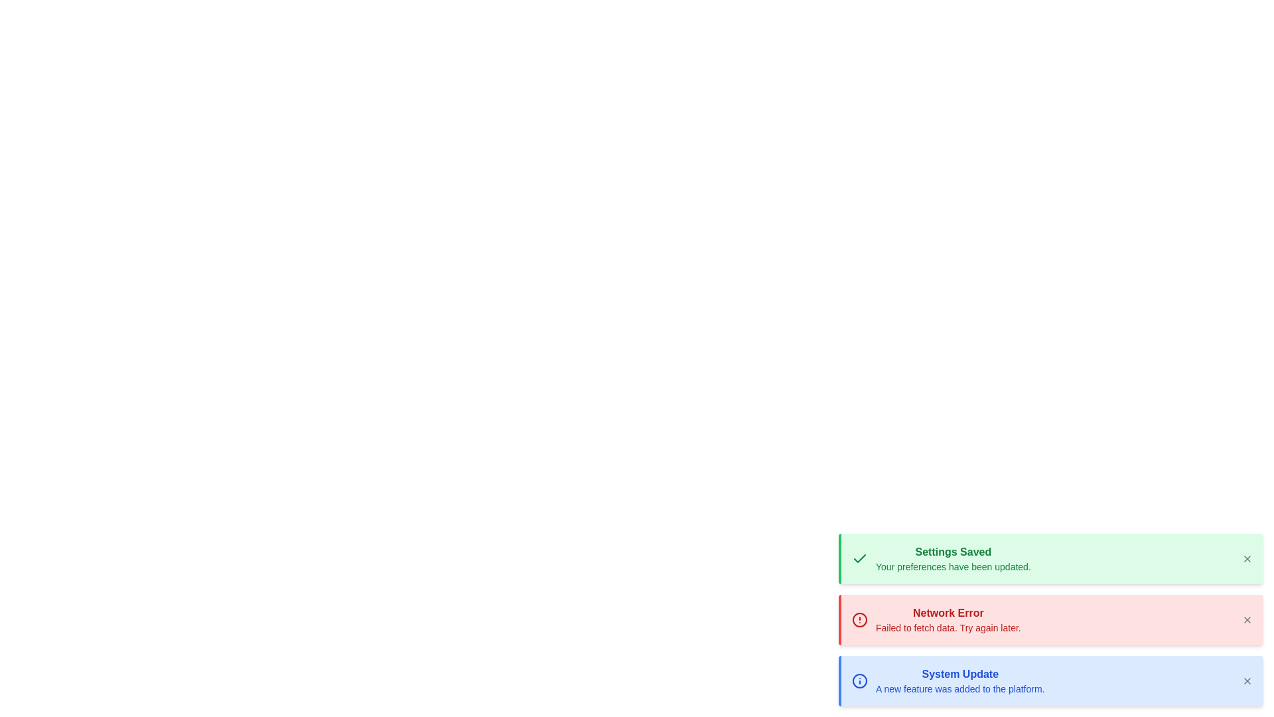  I want to click on text label displaying 'System Update' in bold blue font, located in the notification section at the bottom of the interface, so click(960, 674).